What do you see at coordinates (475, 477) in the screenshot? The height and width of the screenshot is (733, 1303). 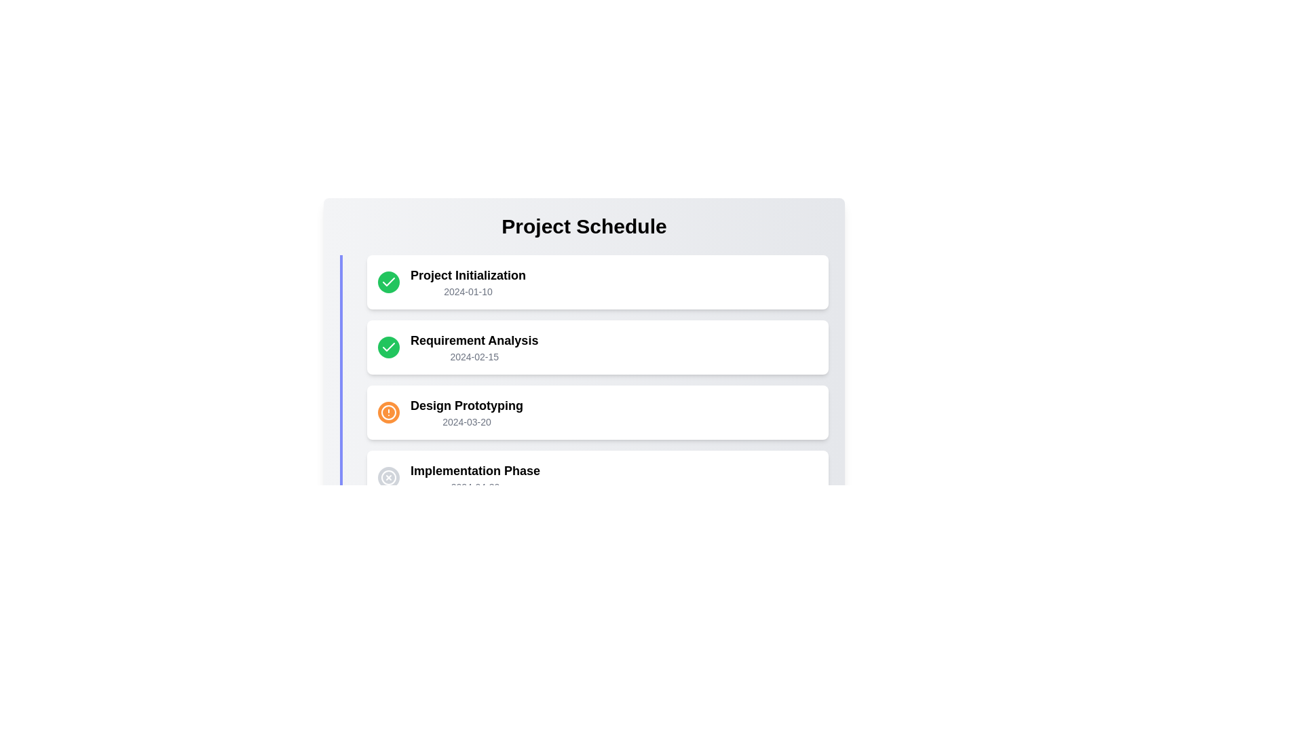 I see `text displayed in the fourth row of the 'Project Schedule' list, which shows 'Implementation Phase' in bold and '2024-04-30' in smaller gray text` at bounding box center [475, 477].